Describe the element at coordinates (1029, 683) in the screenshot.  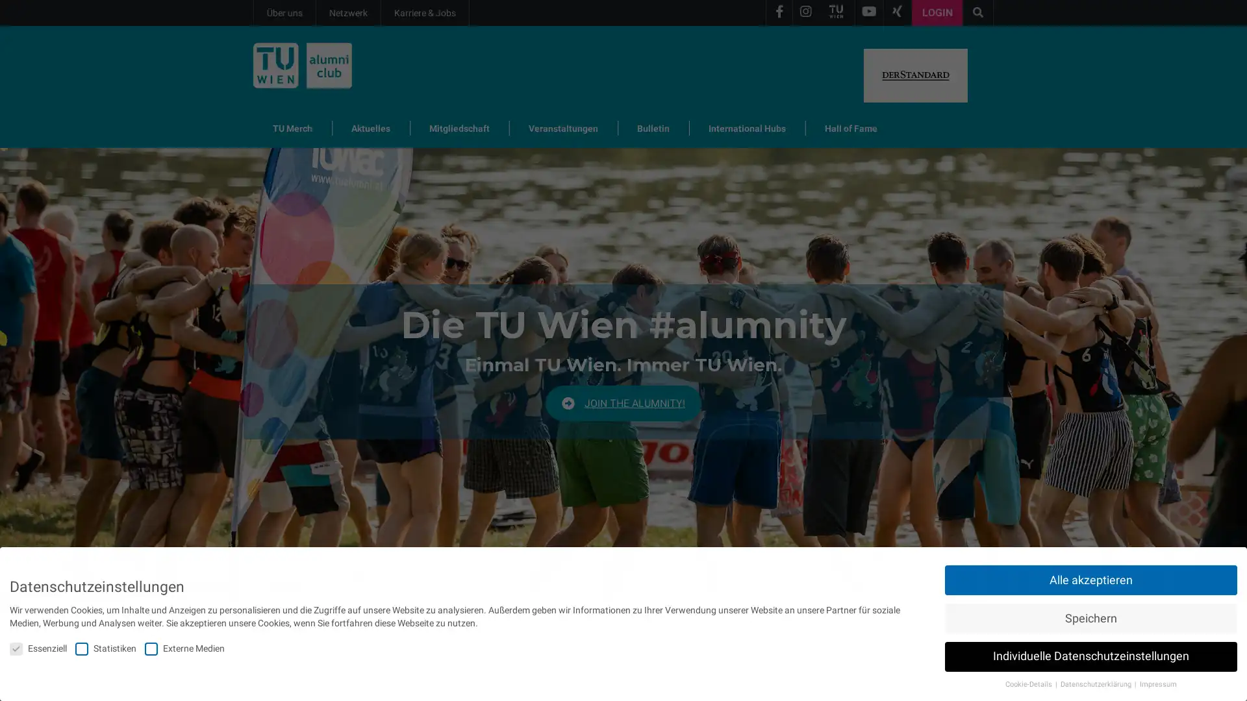
I see `Cookie-Details` at that location.